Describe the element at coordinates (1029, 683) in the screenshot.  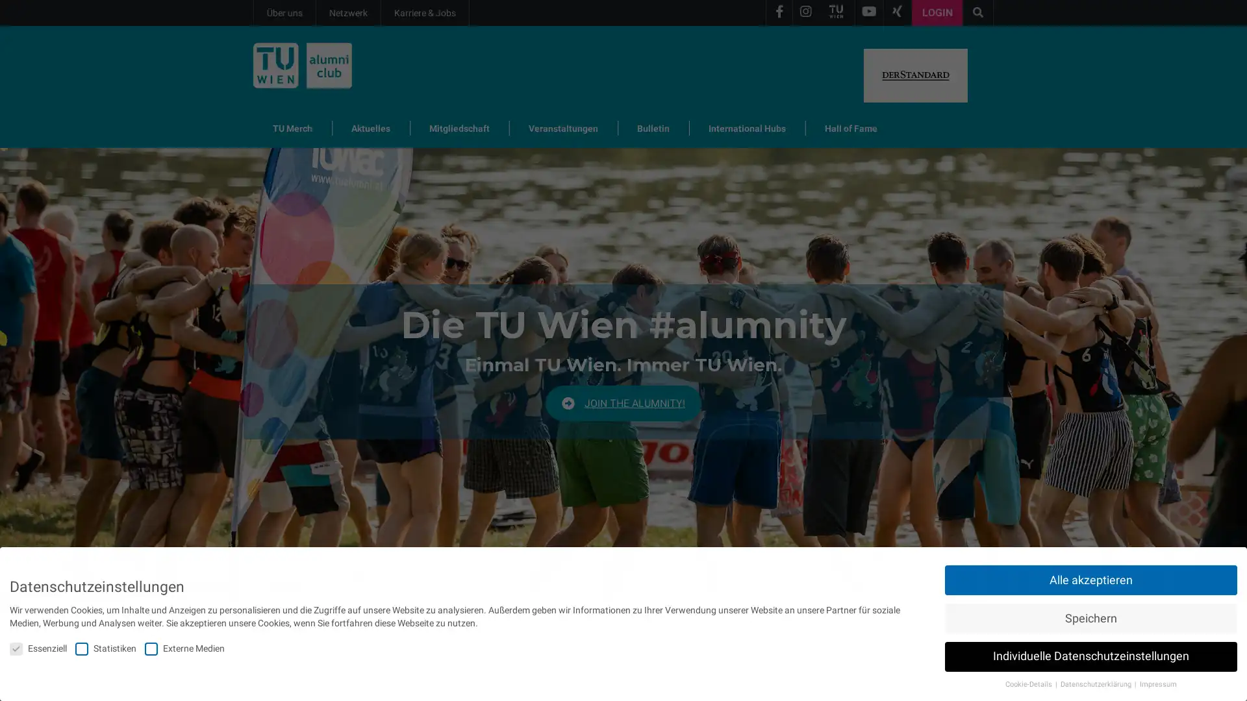
I see `Cookie-Details` at that location.